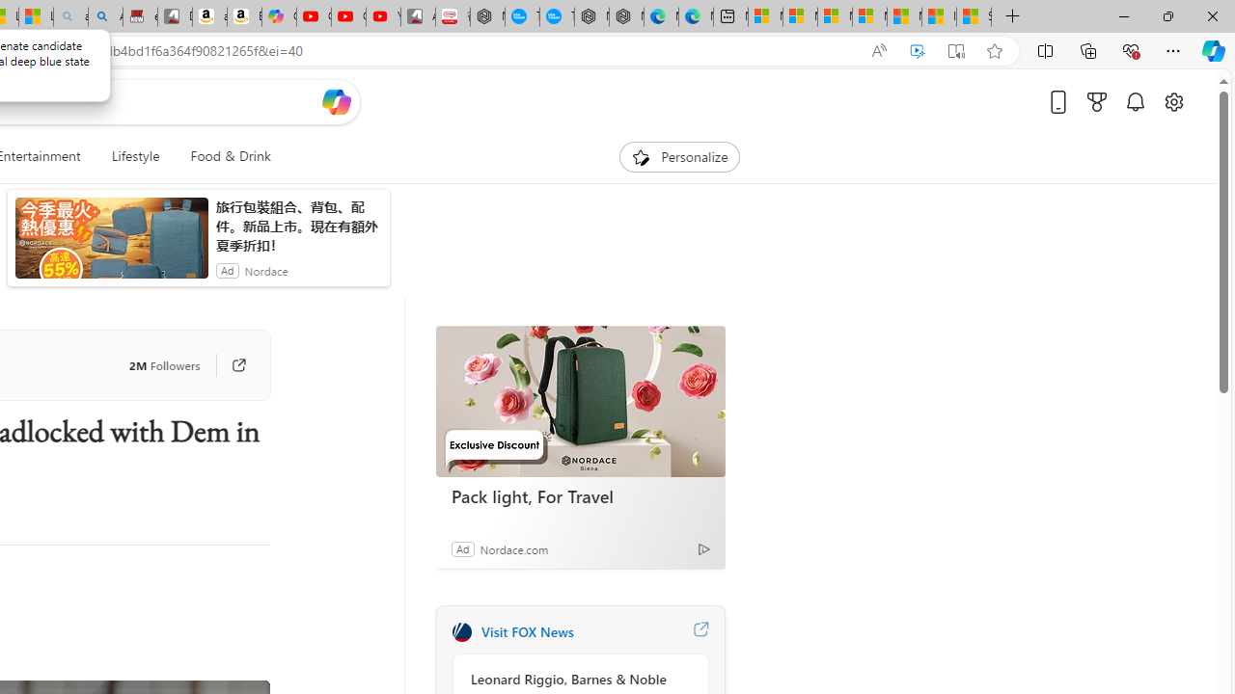  I want to click on 'Microsoft rewards', so click(1097, 101).